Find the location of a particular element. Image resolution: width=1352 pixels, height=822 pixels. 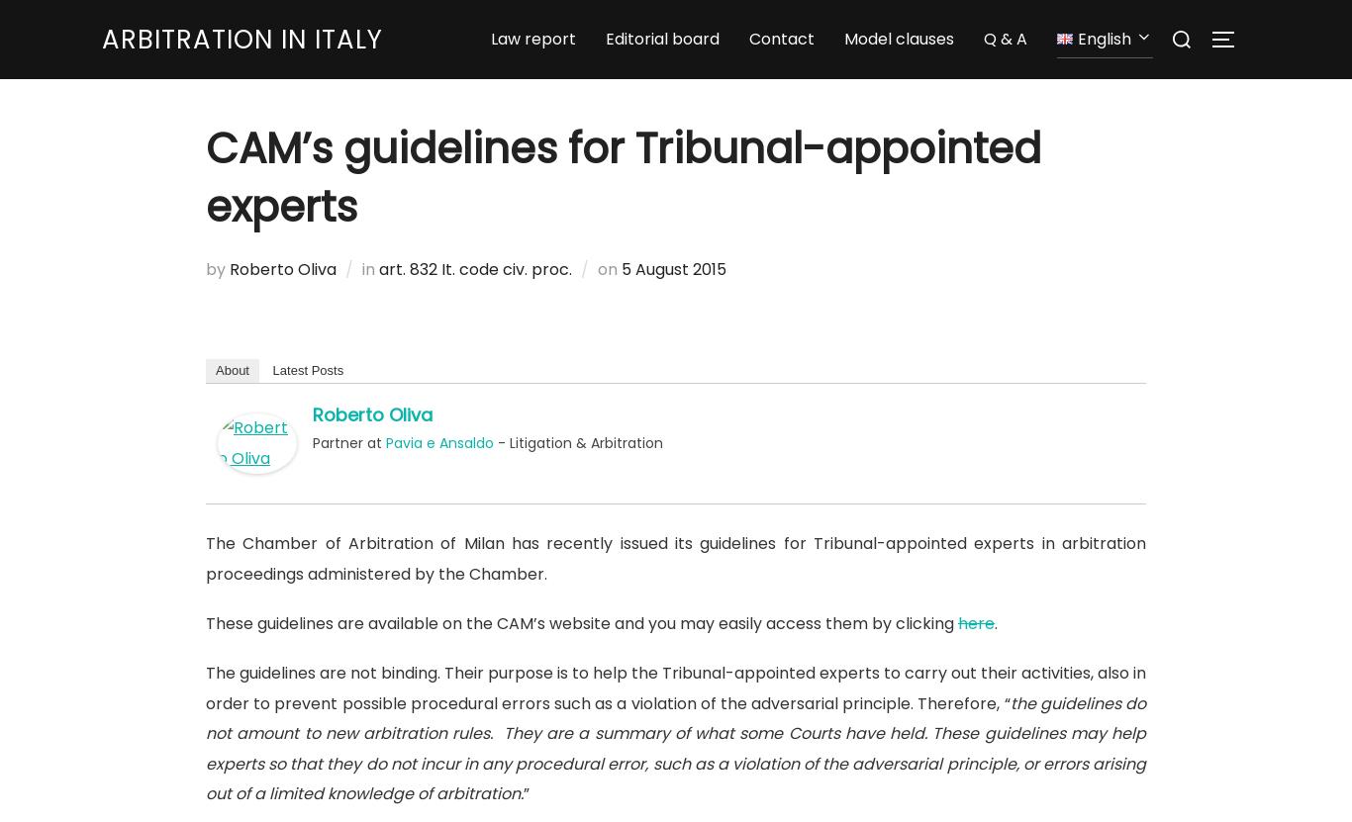

'art. 832 It. code civ. proc.' is located at coordinates (475, 268).